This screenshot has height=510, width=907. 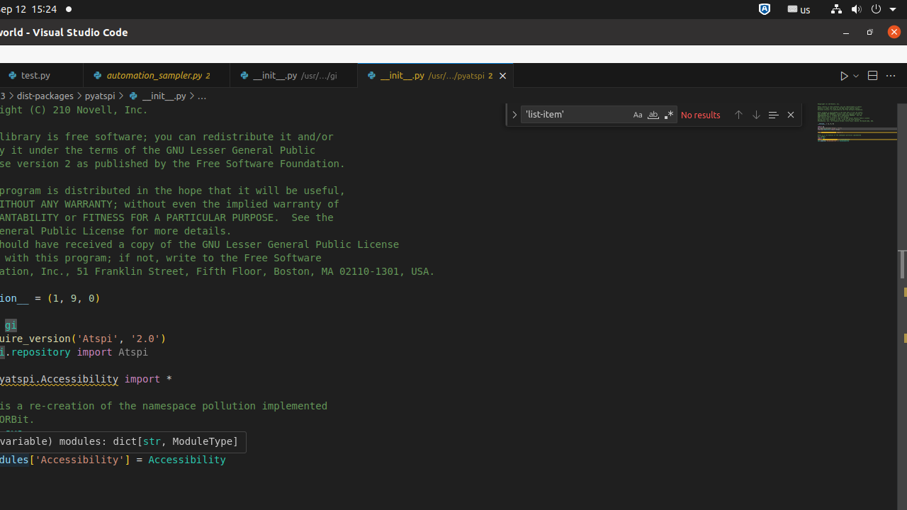 I want to click on 'Split Editor Down', so click(x=871, y=75).